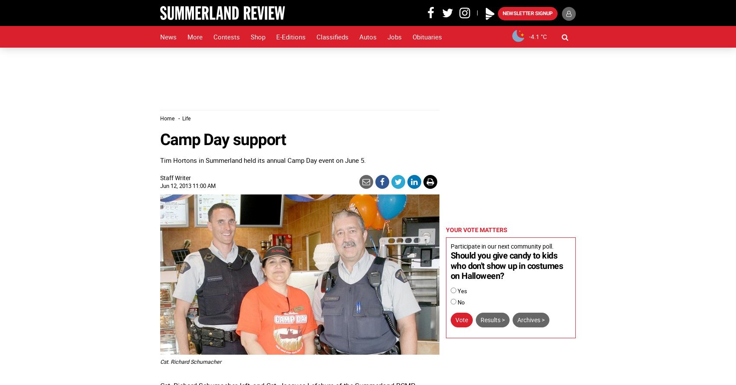 The image size is (736, 385). Describe the element at coordinates (175, 177) in the screenshot. I see `'Staff Writer'` at that location.